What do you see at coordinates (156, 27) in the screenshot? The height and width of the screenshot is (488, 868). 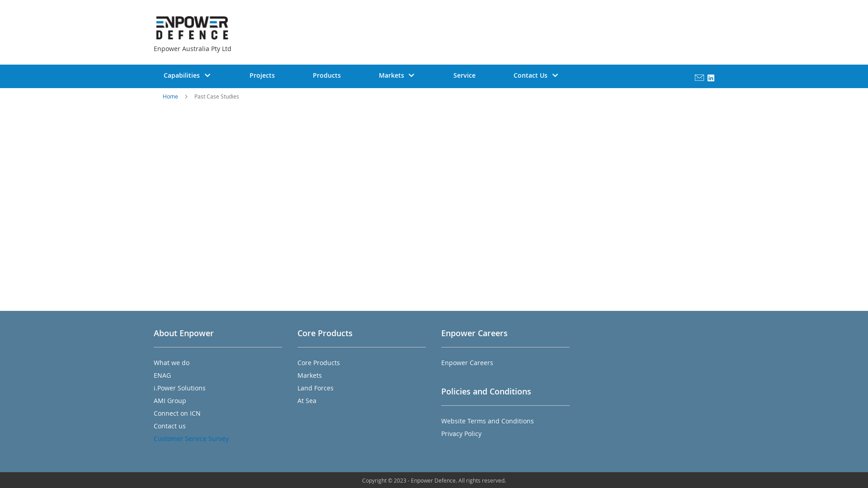 I see `'Enpower Defence'` at bounding box center [156, 27].